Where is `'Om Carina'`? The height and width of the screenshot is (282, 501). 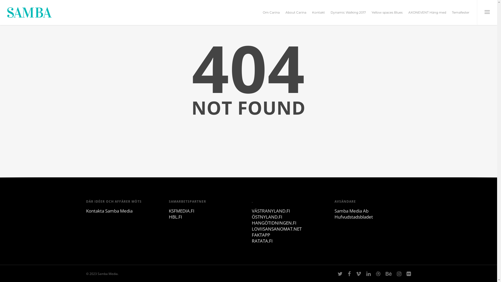
'Om Carina' is located at coordinates (271, 16).